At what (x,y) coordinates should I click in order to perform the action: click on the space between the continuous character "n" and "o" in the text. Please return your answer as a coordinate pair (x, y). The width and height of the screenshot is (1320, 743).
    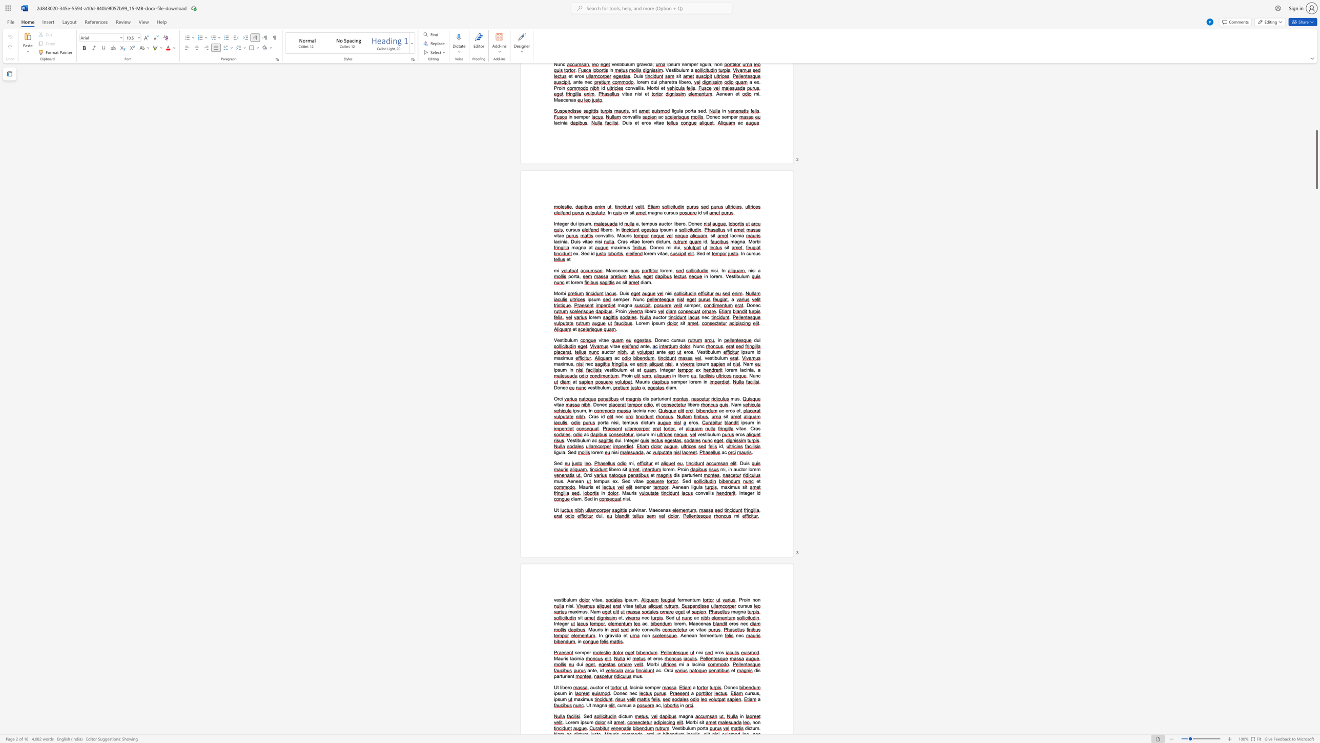
    Looking at the image, I should click on (754, 600).